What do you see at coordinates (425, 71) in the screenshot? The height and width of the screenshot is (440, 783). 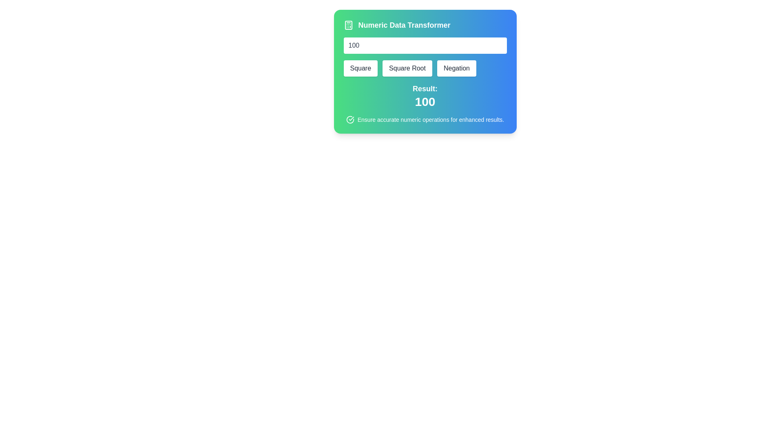 I see `the 'Square Root' button, which is the second button among three in the 'Numeric Data Transformer' component` at bounding box center [425, 71].